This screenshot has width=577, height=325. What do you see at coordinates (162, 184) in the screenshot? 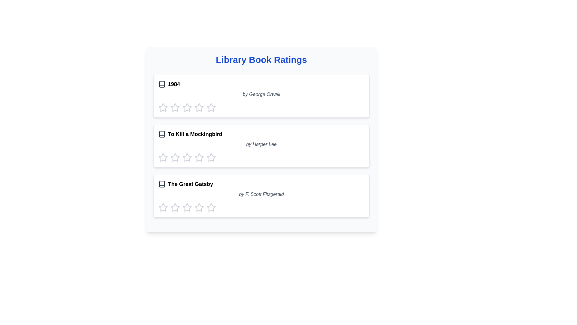
I see `the book icon representing 'The Great Gatsby' located in the third card of the 'Library Book Ratings' section` at bounding box center [162, 184].